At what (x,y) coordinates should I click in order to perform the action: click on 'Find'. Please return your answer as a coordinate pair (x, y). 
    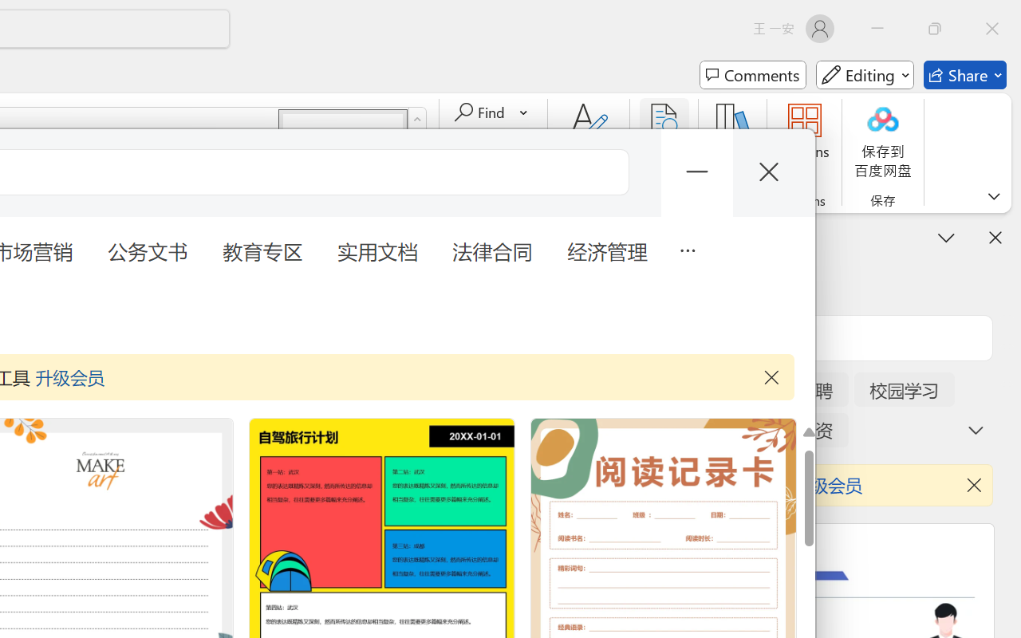
    Looking at the image, I should click on (491, 112).